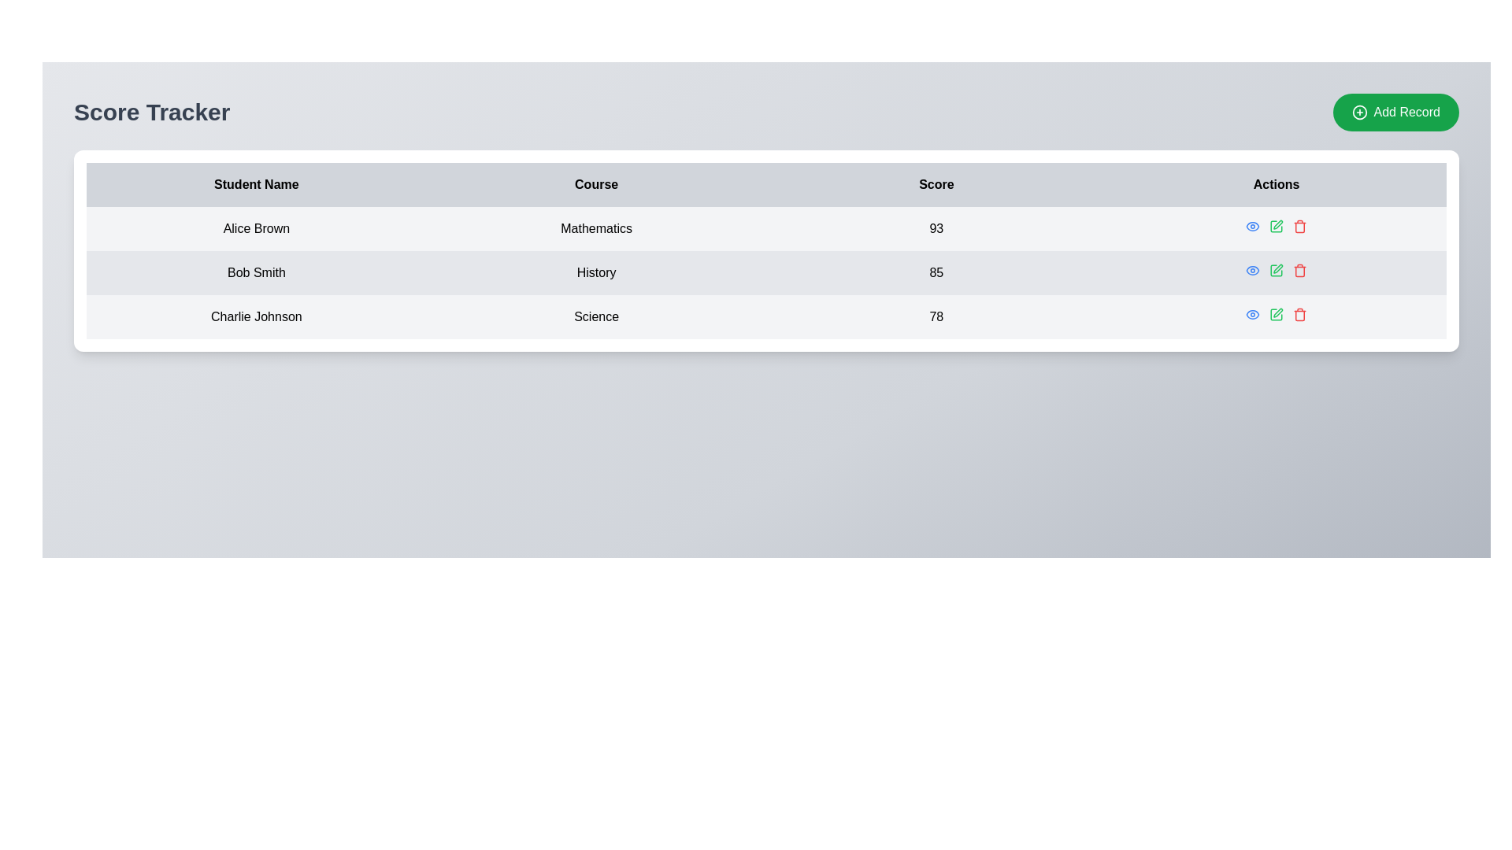 This screenshot has width=1512, height=850. What do you see at coordinates (1300, 316) in the screenshot?
I see `the main body of the trash can icon associated with the delete action for 'Charlie Johnson'` at bounding box center [1300, 316].